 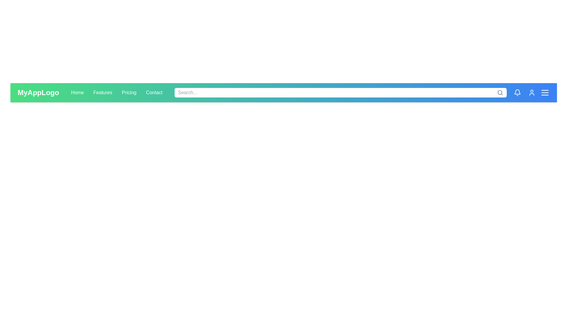 I want to click on text content of the 'MyAppLogo' label, which is displayed in bold white font on a green to blue gradient background at the far left of the navigation bar, so click(x=38, y=92).